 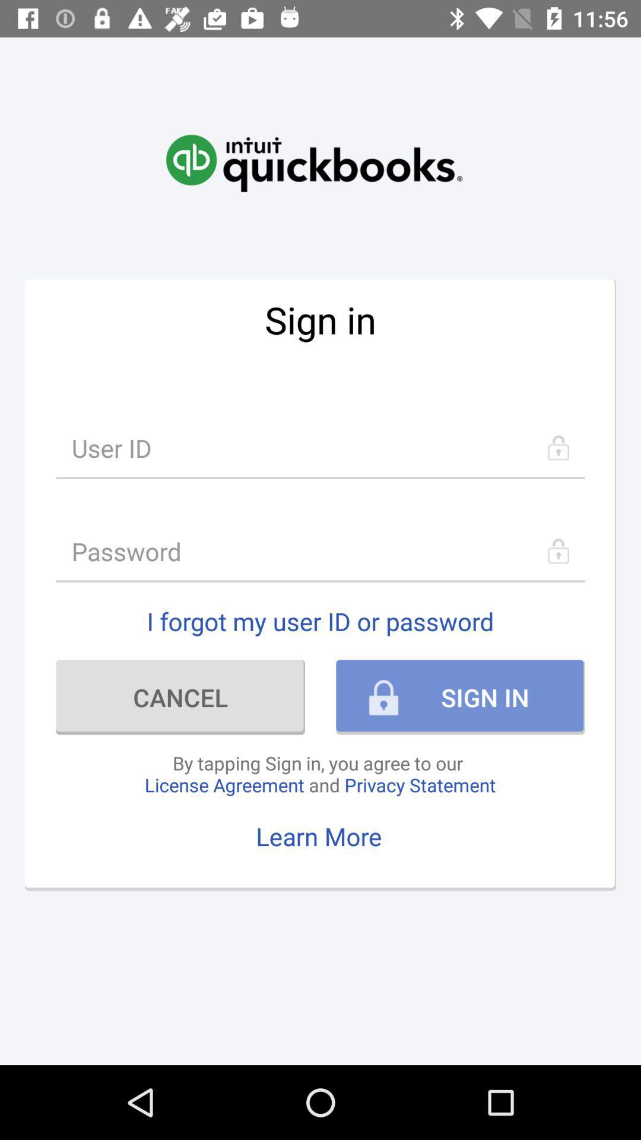 I want to click on the cancel item, so click(x=180, y=697).